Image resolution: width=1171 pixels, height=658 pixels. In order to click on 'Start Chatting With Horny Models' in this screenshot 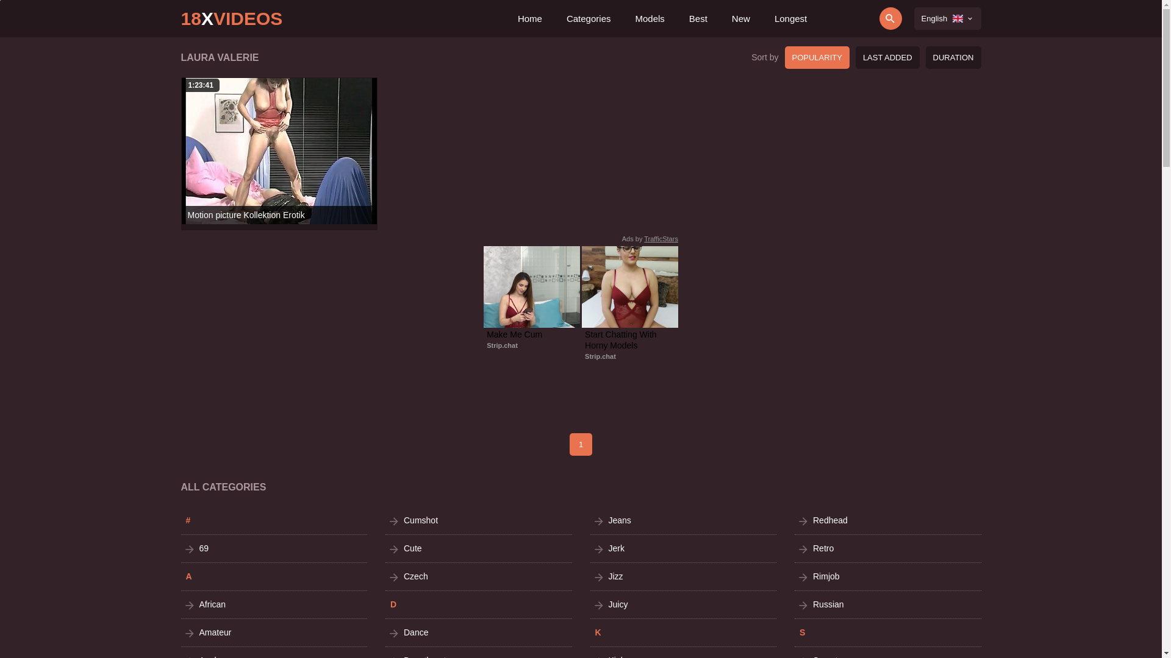, I will do `click(629, 340)`.